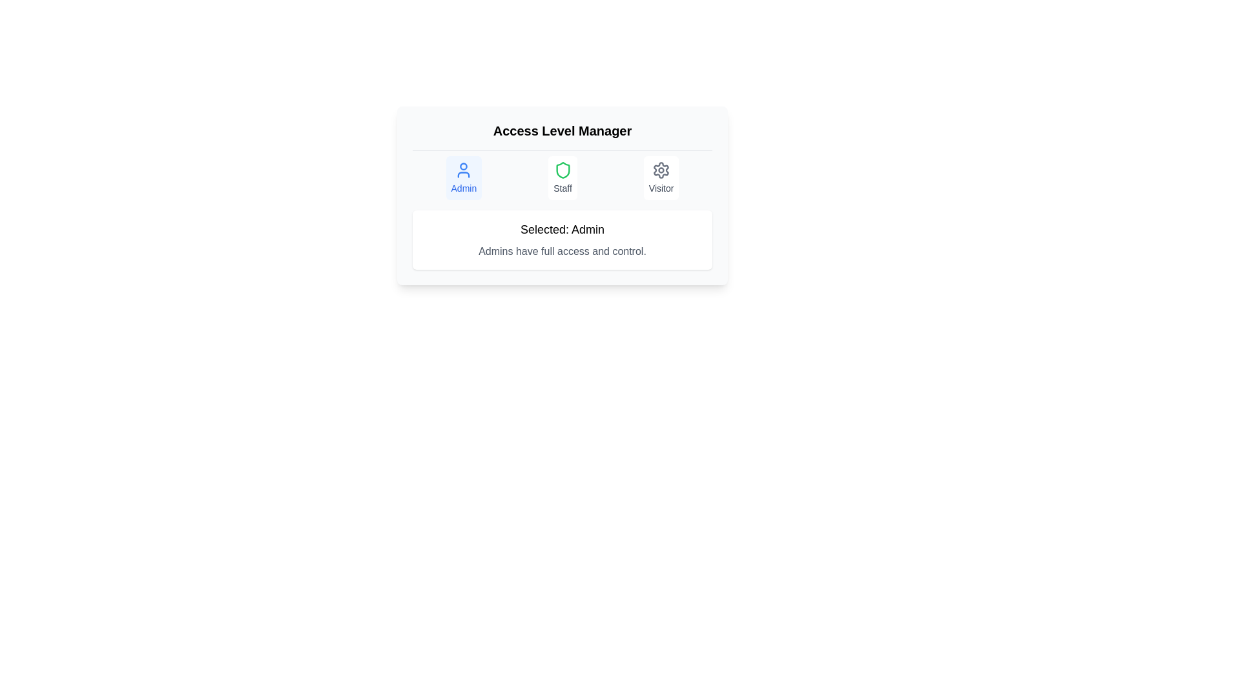  Describe the element at coordinates (661, 178) in the screenshot. I see `the vertically aligned button with a gray gear icon and the text label 'Visitor' for visual feedback` at that location.